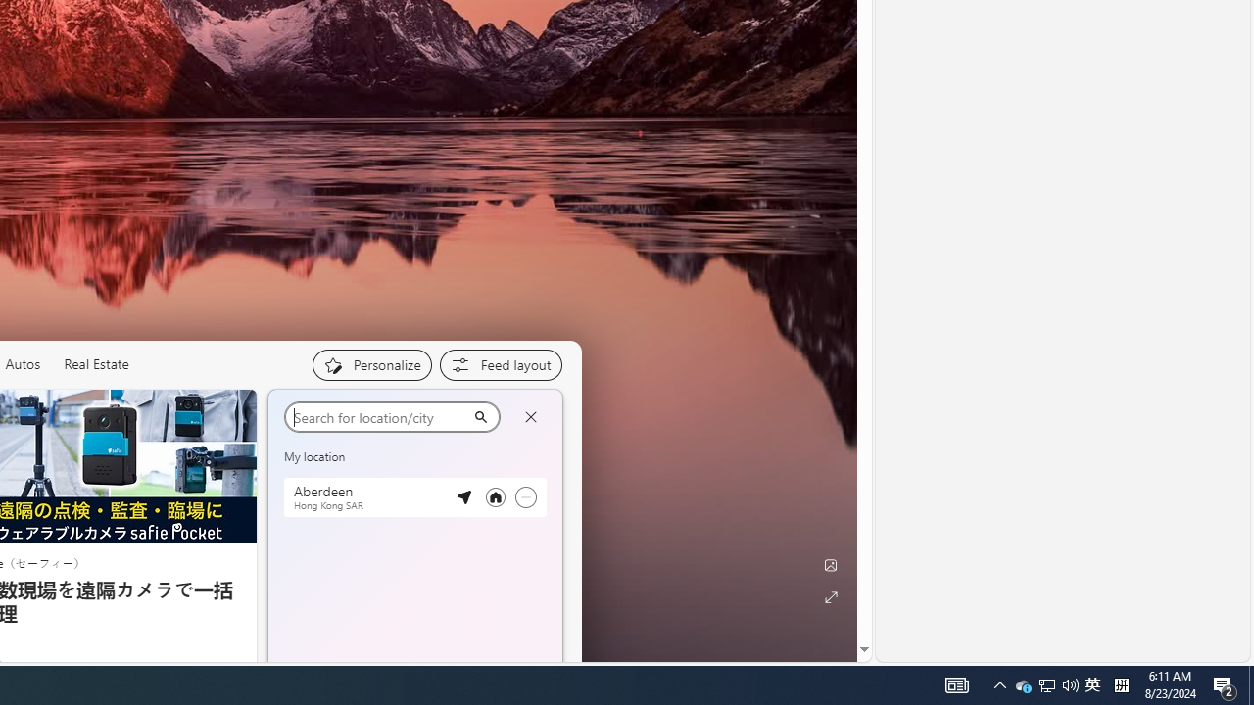  Describe the element at coordinates (95, 363) in the screenshot. I see `'Real Estate'` at that location.